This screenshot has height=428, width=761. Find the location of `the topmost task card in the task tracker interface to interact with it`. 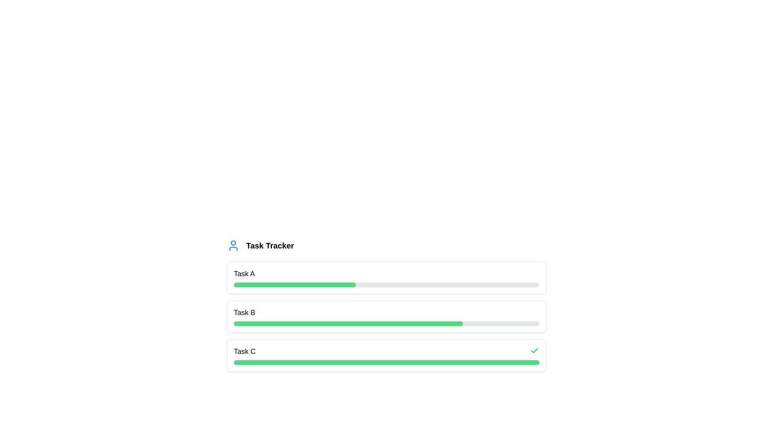

the topmost task card in the task tracker interface to interact with it is located at coordinates (386, 277).